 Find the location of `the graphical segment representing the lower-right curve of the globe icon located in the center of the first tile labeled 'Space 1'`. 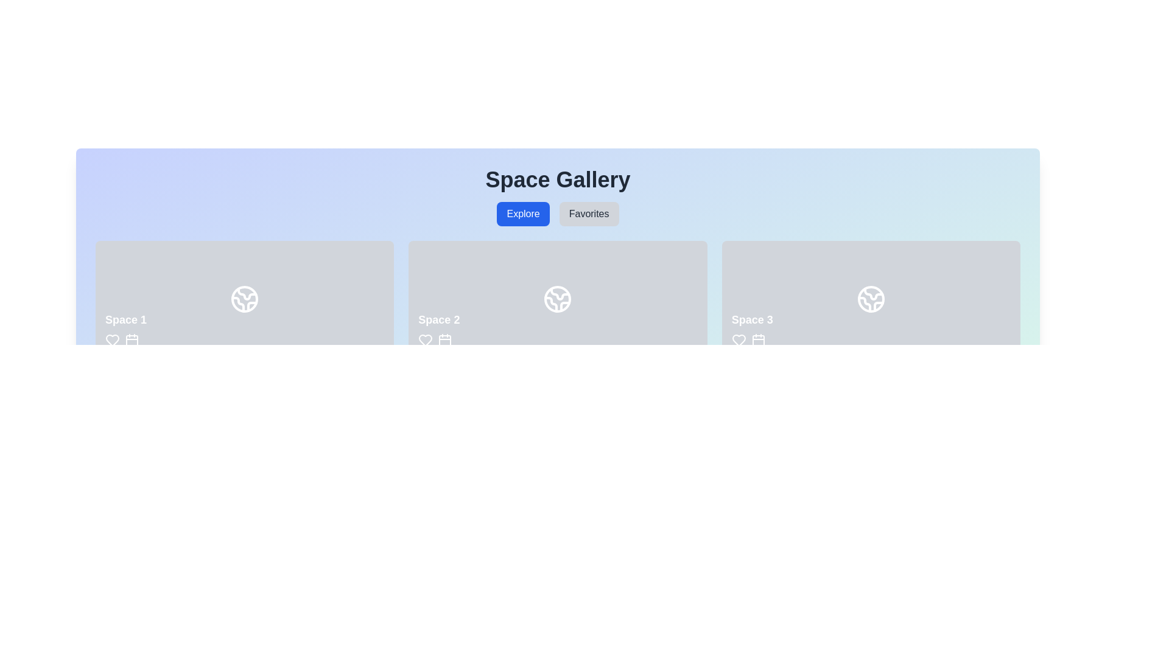

the graphical segment representing the lower-right curve of the globe icon located in the center of the first tile labeled 'Space 1' is located at coordinates (251, 306).